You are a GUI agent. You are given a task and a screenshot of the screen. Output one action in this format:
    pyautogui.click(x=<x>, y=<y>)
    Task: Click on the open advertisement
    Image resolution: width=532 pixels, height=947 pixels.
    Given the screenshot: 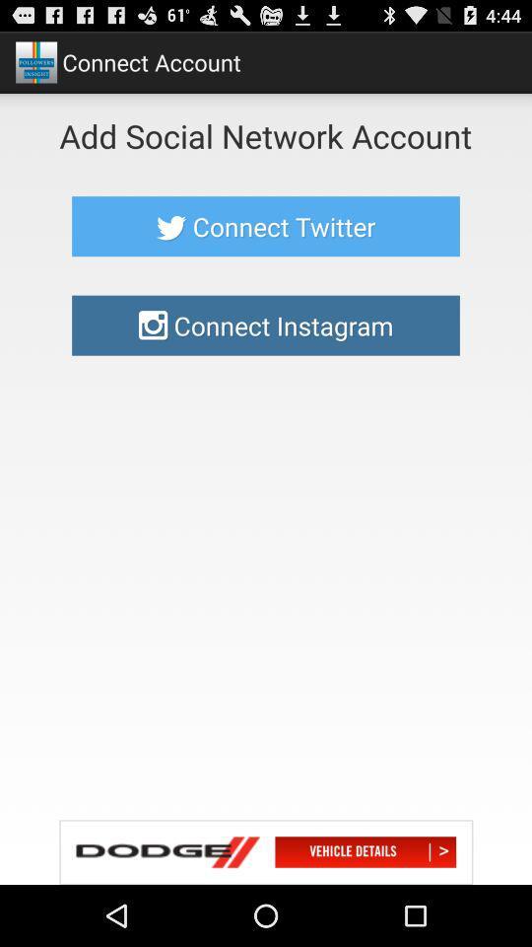 What is the action you would take?
    pyautogui.click(x=266, y=851)
    